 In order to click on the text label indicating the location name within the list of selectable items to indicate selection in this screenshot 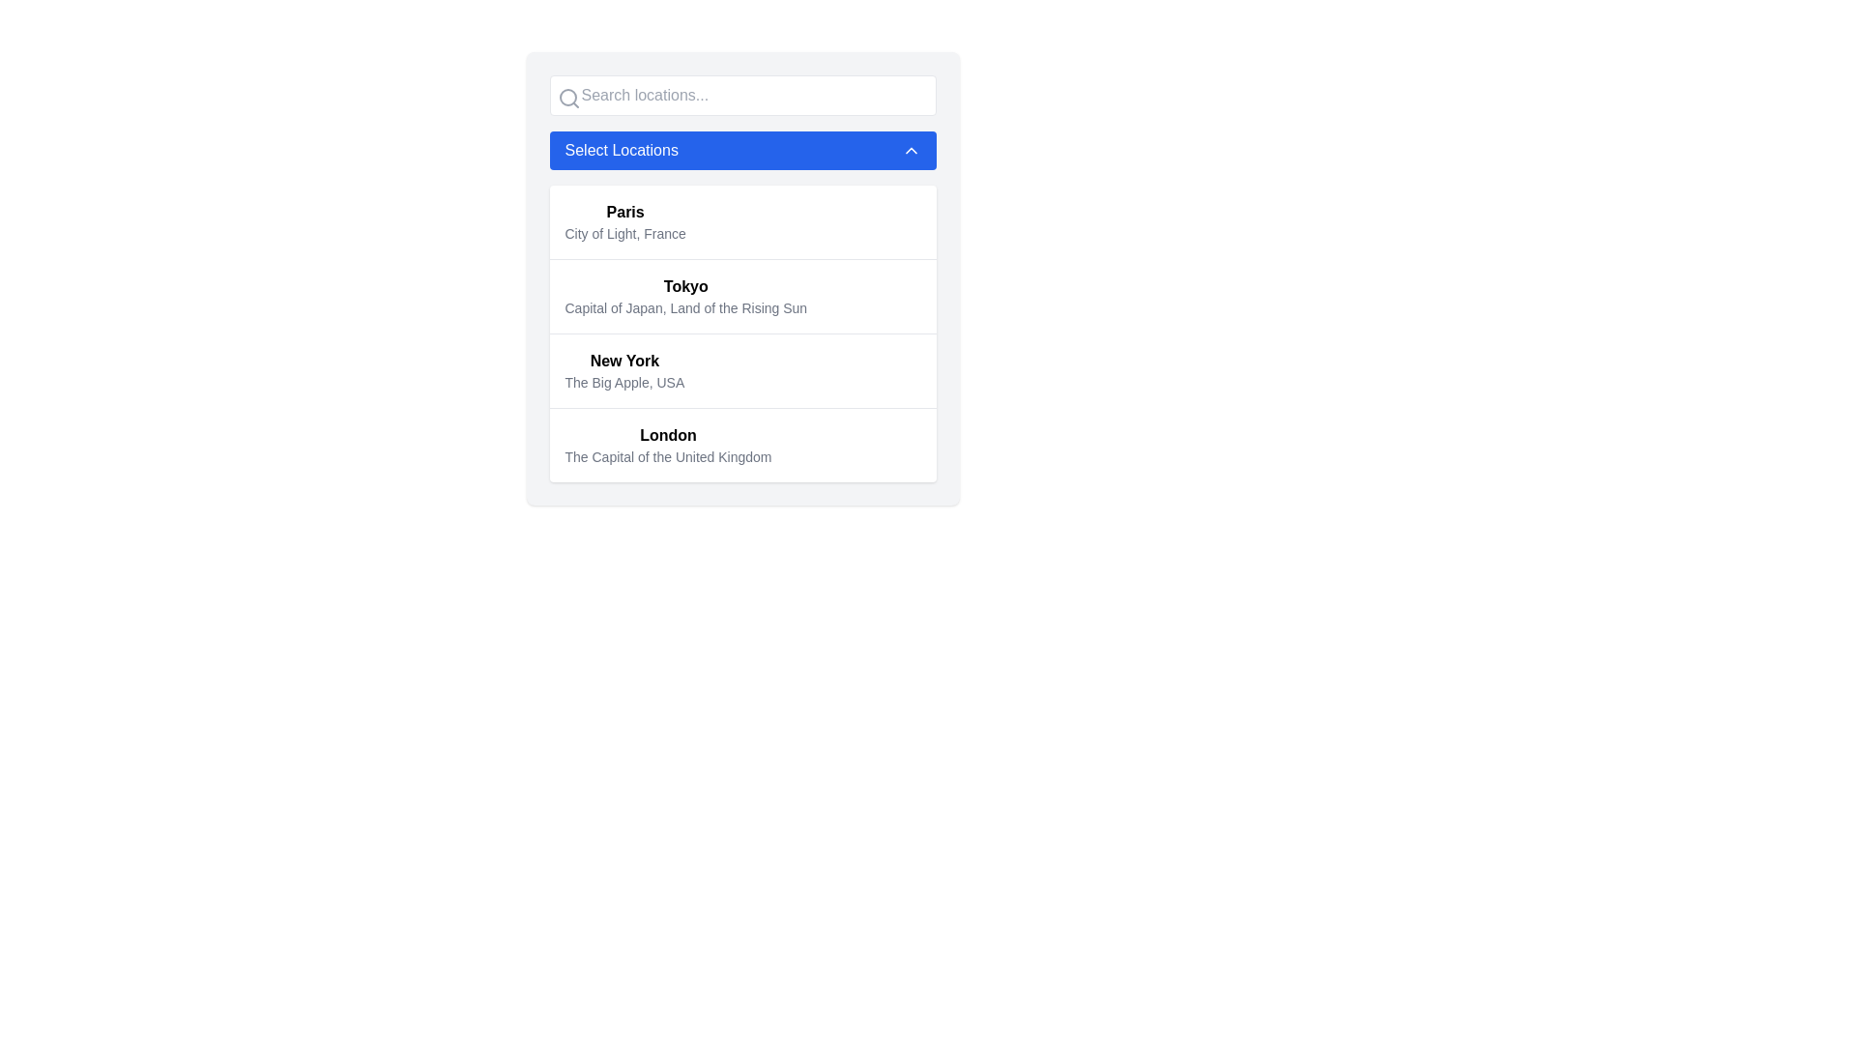, I will do `click(685, 287)`.